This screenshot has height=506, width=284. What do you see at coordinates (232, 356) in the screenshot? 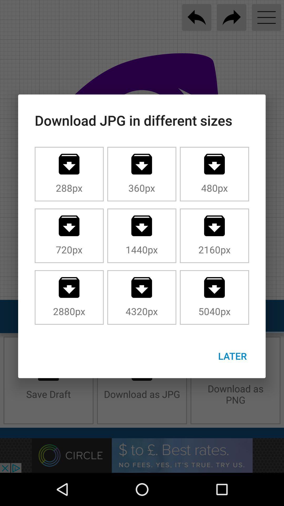
I see `icon below 5040px` at bounding box center [232, 356].